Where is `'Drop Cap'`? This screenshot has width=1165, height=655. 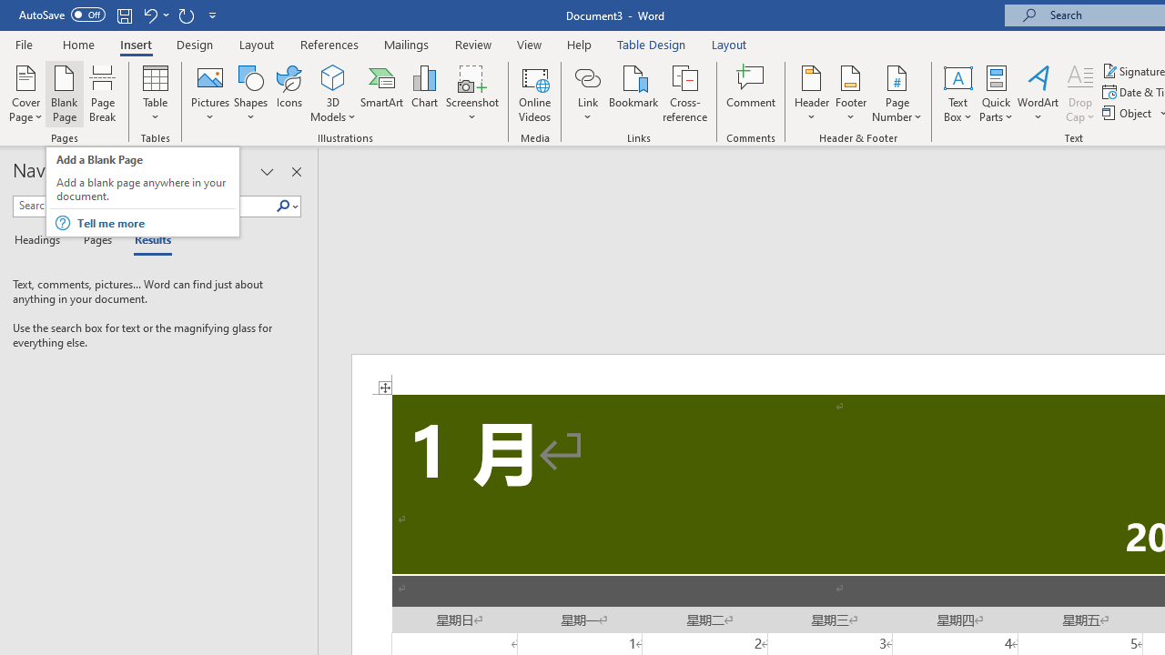 'Drop Cap' is located at coordinates (1080, 94).